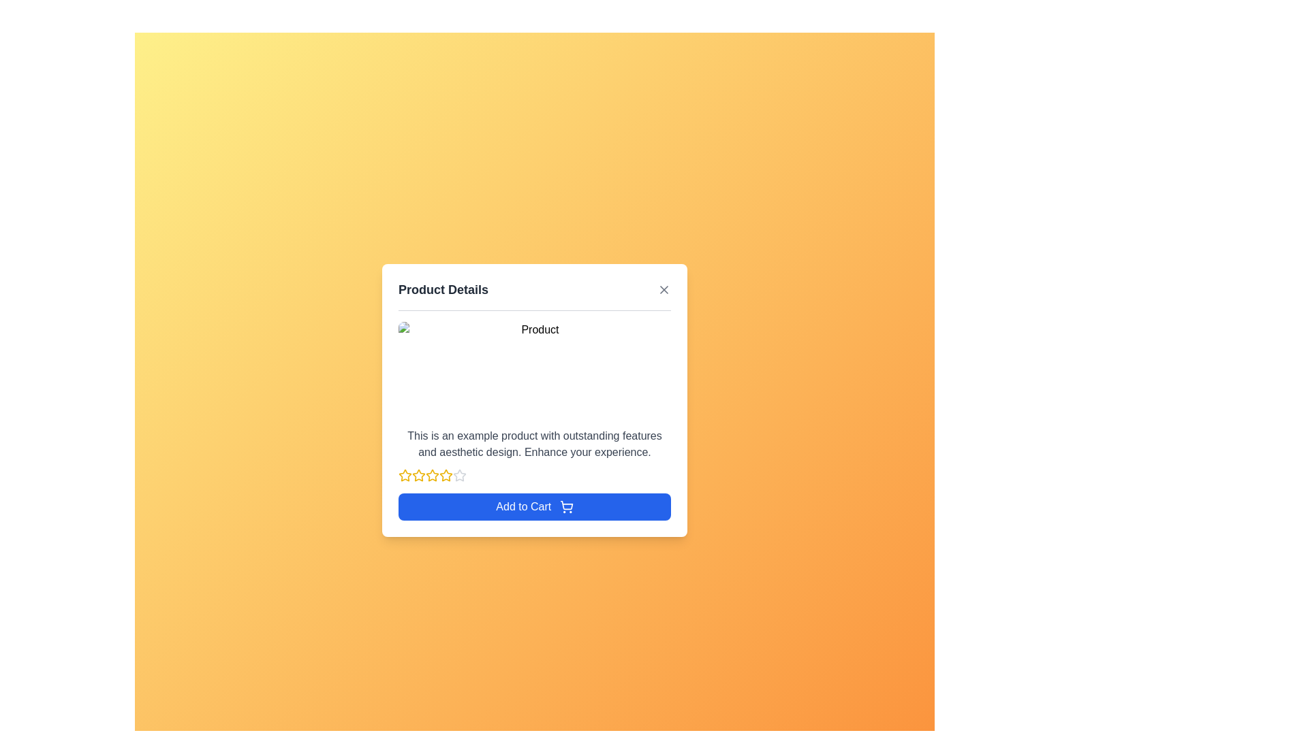  Describe the element at coordinates (446, 474) in the screenshot. I see `the third star` at that location.